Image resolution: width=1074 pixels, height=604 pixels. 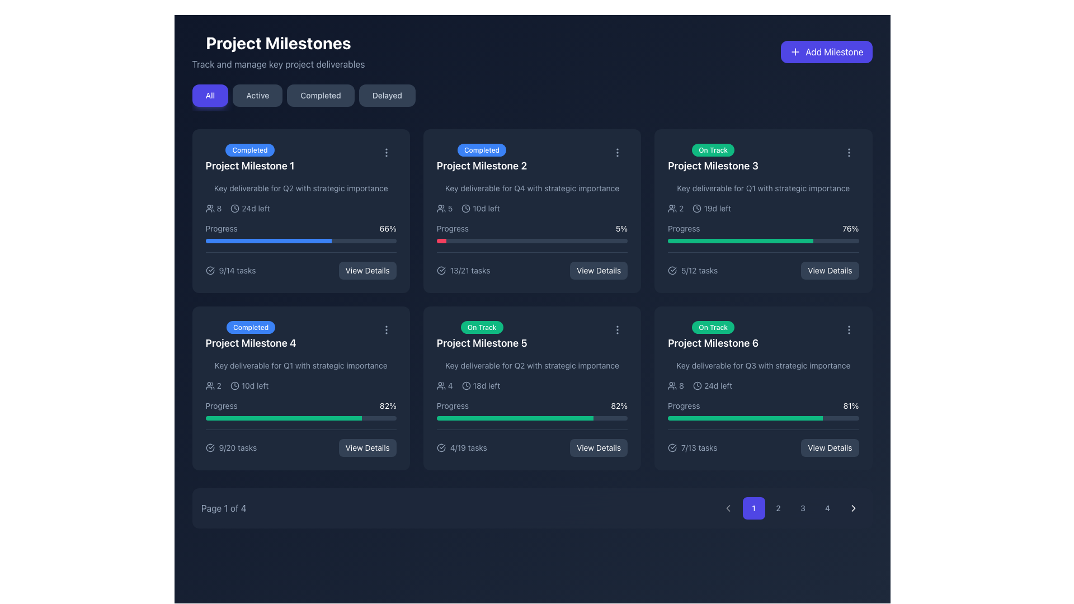 What do you see at coordinates (617, 329) in the screenshot?
I see `the icon located at the top right corner of the 'Project Milestone 5' card` at bounding box center [617, 329].